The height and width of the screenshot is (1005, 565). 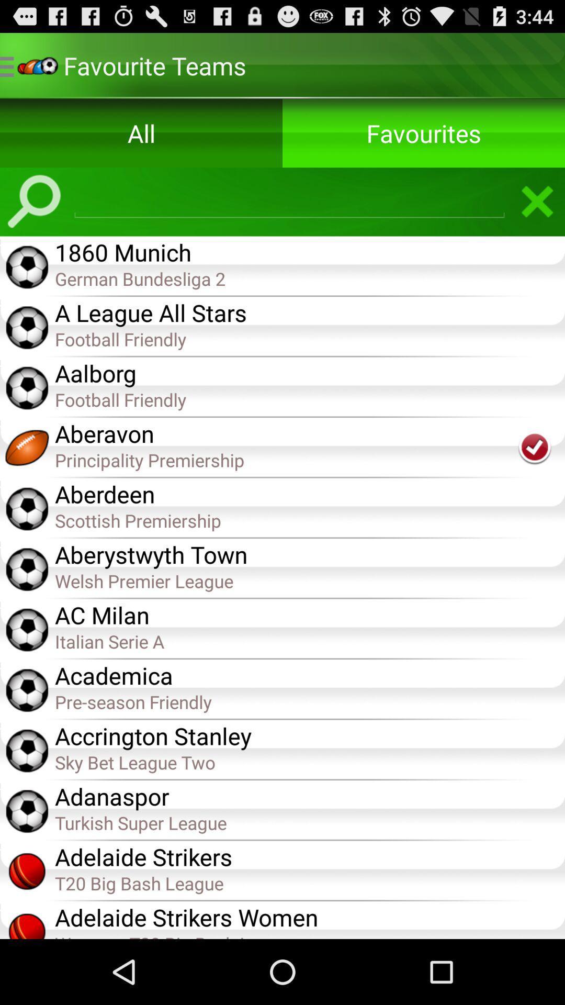 I want to click on the aberystwyth town icon, so click(x=309, y=553).